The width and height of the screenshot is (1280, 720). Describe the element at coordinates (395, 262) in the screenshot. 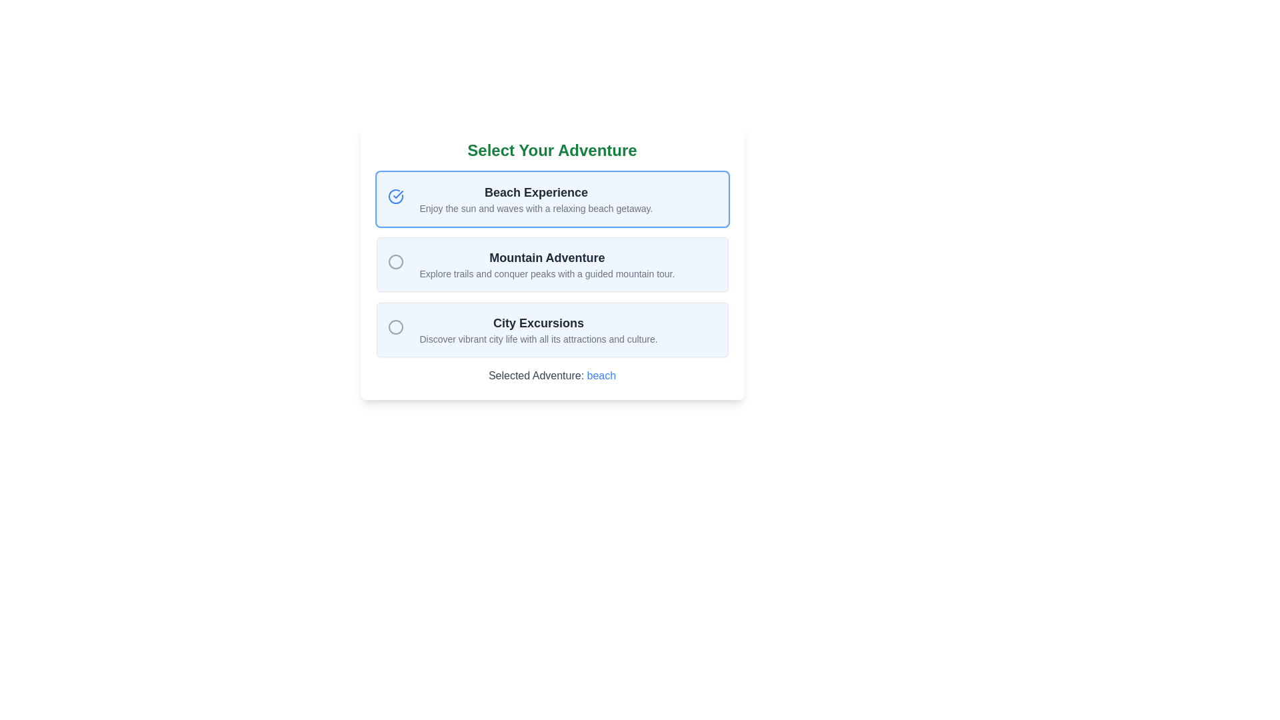

I see `the radio button for 'Mountain Adventure', which is a circular icon with a gray border and a white background located to the left of the option` at that location.